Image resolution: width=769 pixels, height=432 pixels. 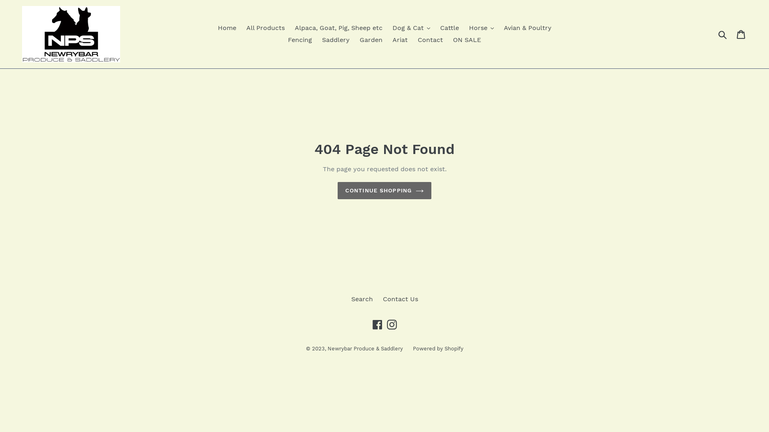 I want to click on 'Avian & Poultry', so click(x=527, y=27).